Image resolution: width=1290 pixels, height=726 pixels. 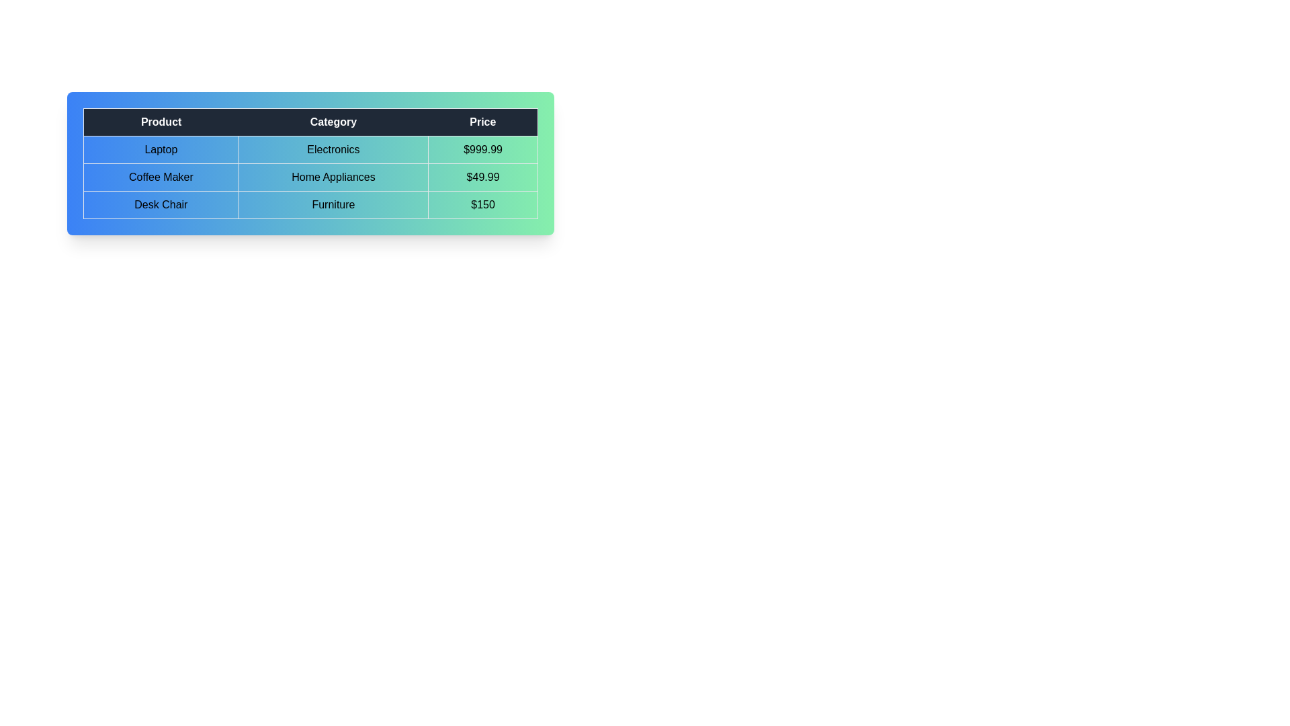 What do you see at coordinates (333, 122) in the screenshot?
I see `the 'Category' header label in the table, which is located in the second column between 'Product' and 'Price'` at bounding box center [333, 122].